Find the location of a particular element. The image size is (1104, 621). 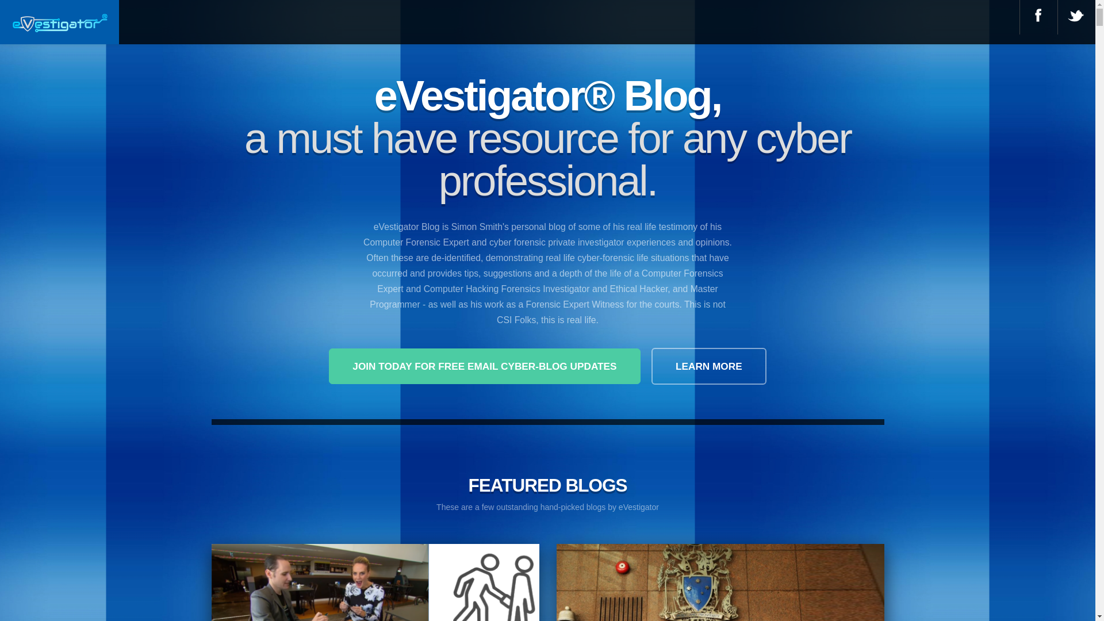

'JOIN TODAY FOR FREE EMAIL CYBER-BLOG UPDATES' is located at coordinates (484, 366).